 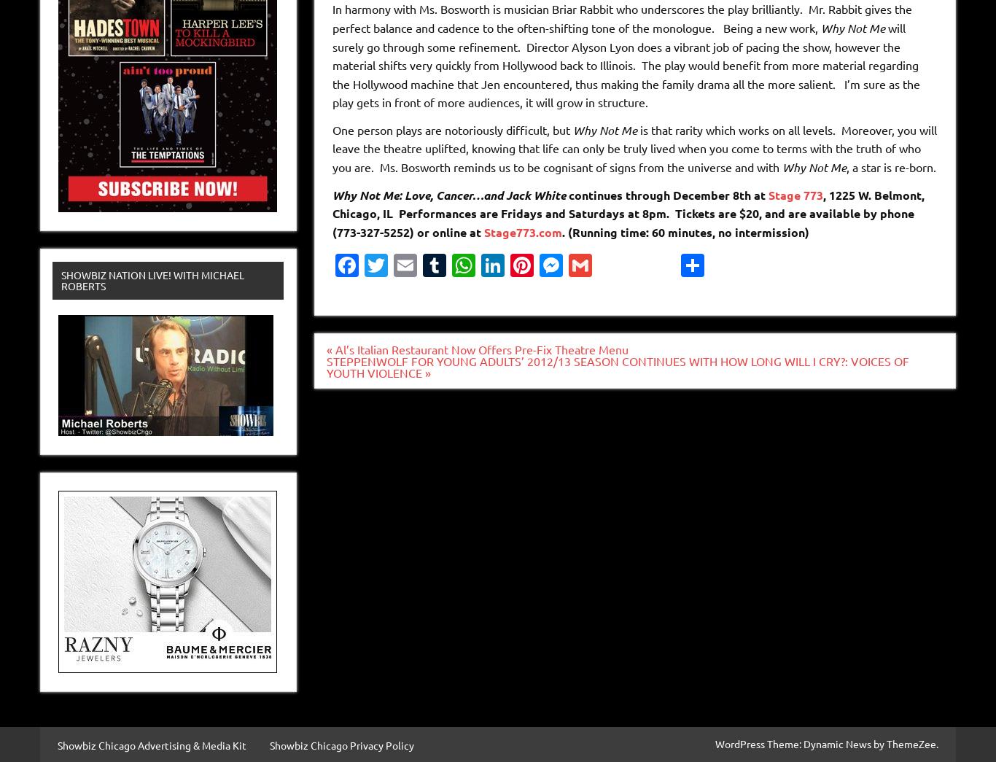 I want to click on 'Why Not Me: Love, Cancer…and Jack White', so click(x=447, y=193).